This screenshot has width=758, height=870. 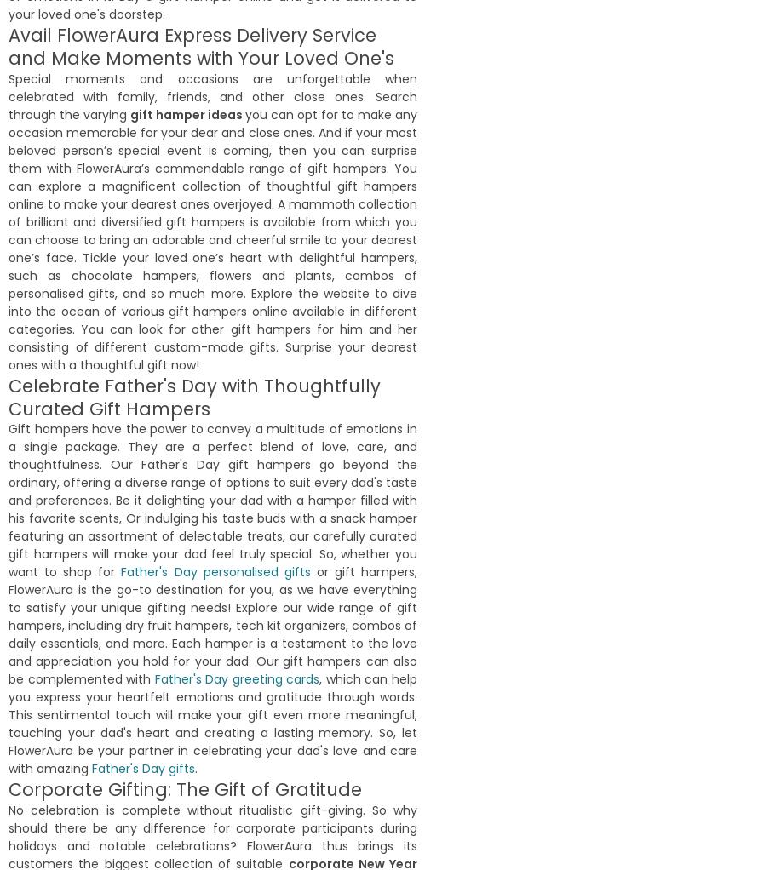 What do you see at coordinates (323, 270) in the screenshot?
I see `'26th September,2021'` at bounding box center [323, 270].